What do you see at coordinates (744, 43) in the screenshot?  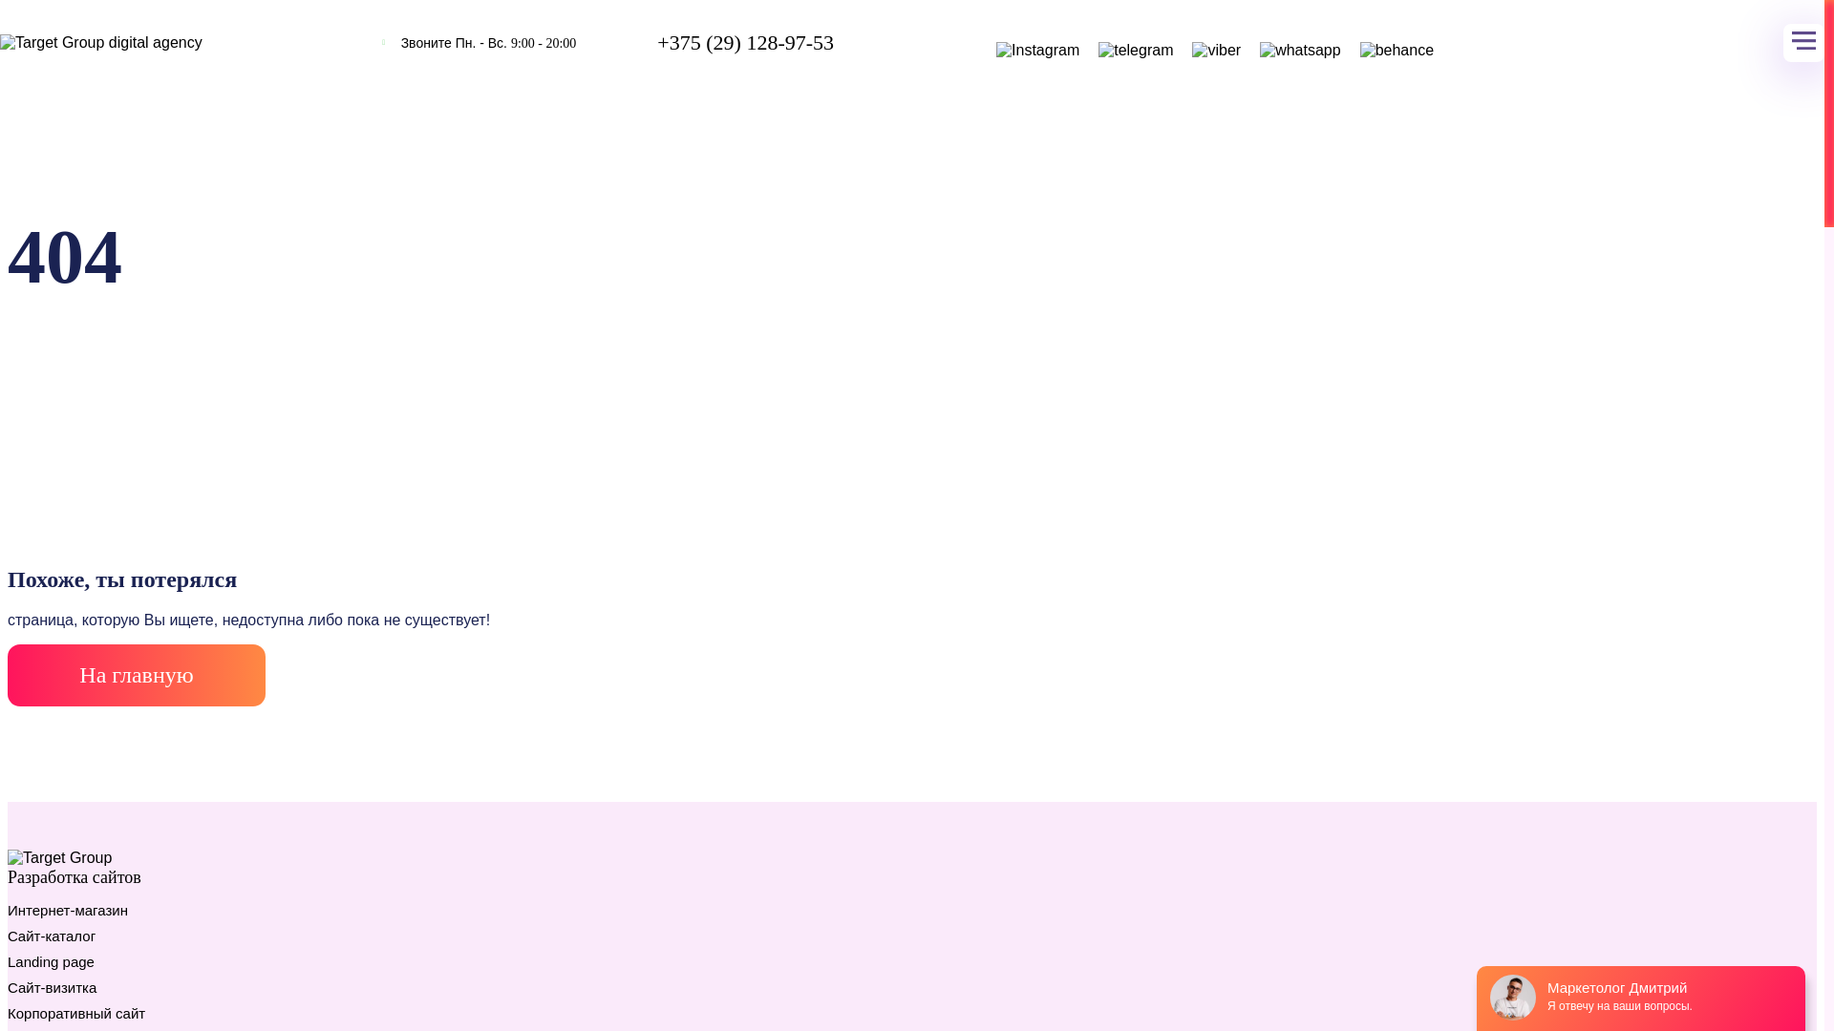 I see `'+375 (29) 128-97-53'` at bounding box center [744, 43].